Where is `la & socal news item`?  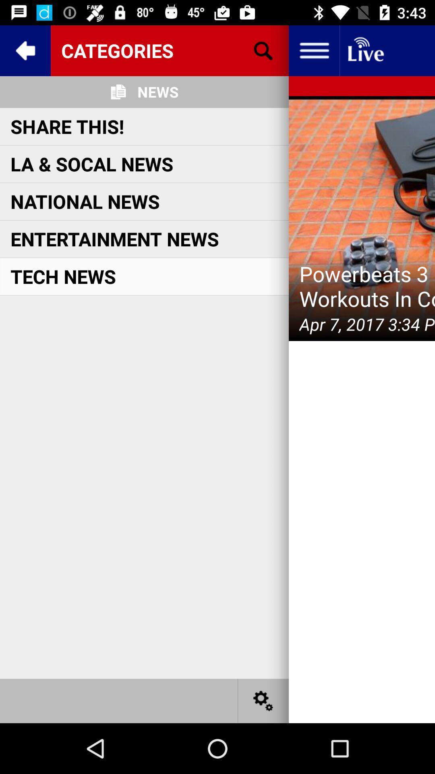 la & socal news item is located at coordinates (91, 163).